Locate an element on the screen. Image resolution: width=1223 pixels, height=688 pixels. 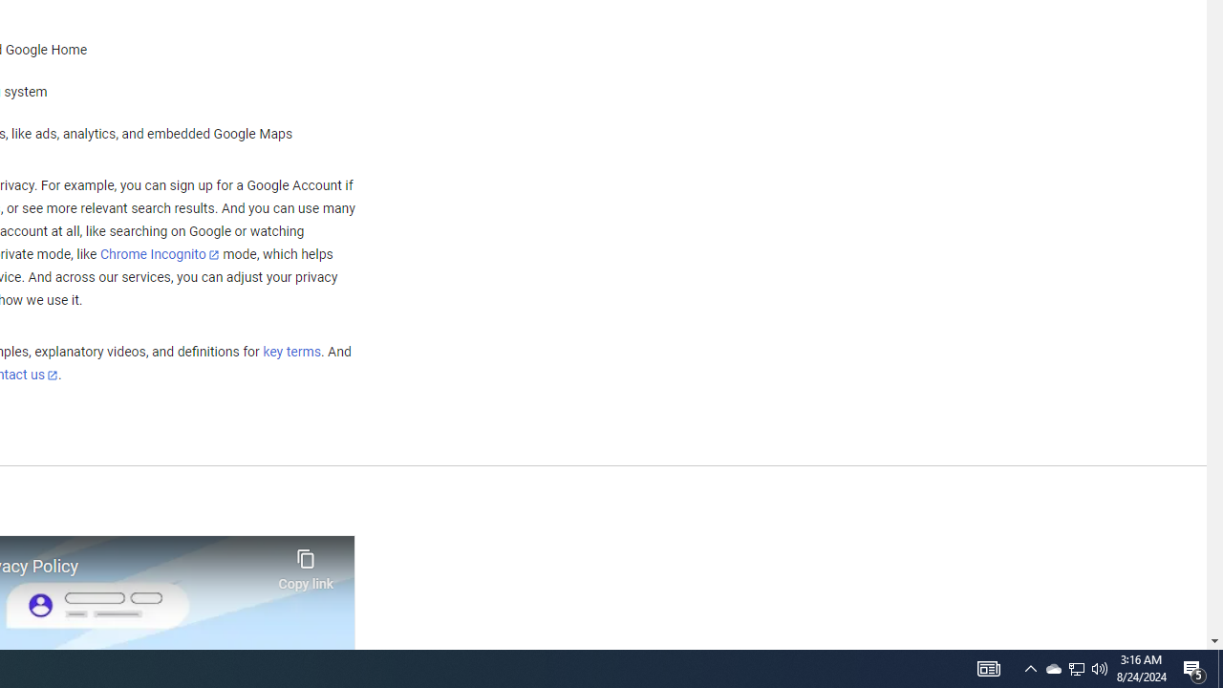
'Copy link' is located at coordinates (306, 564).